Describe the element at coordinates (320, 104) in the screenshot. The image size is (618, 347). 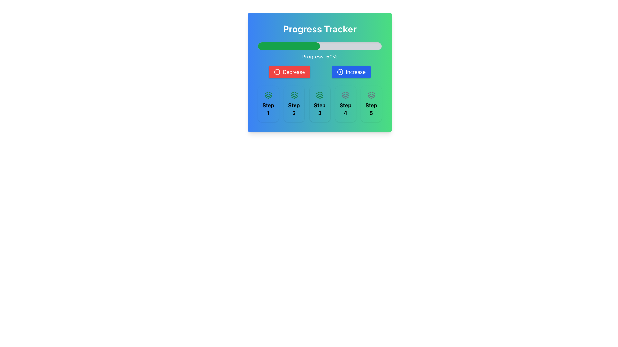
I see `the 'Step 3' progress step indicator, which is the third block in a row of five blocks in a progress tracker` at that location.